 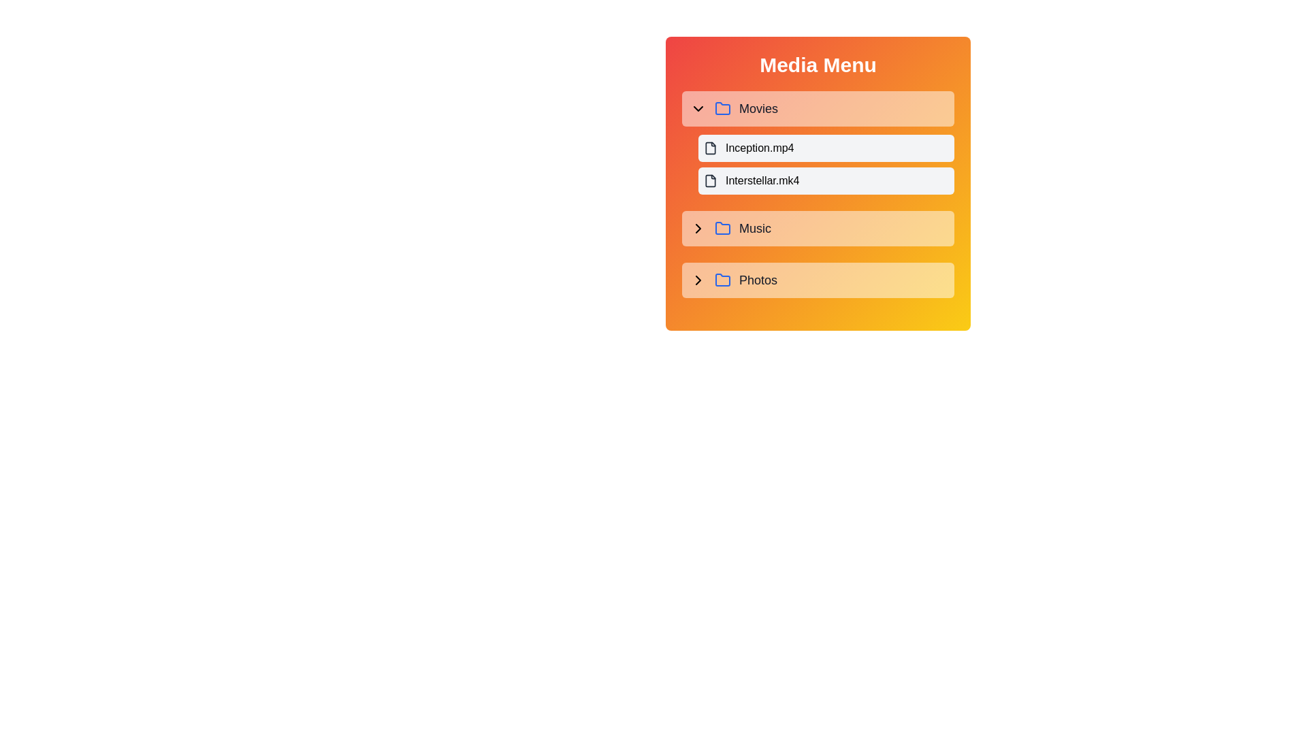 I want to click on the folder icon with a blue outline representing the 'Music' directory, located within the 'Media Menu', so click(x=722, y=227).